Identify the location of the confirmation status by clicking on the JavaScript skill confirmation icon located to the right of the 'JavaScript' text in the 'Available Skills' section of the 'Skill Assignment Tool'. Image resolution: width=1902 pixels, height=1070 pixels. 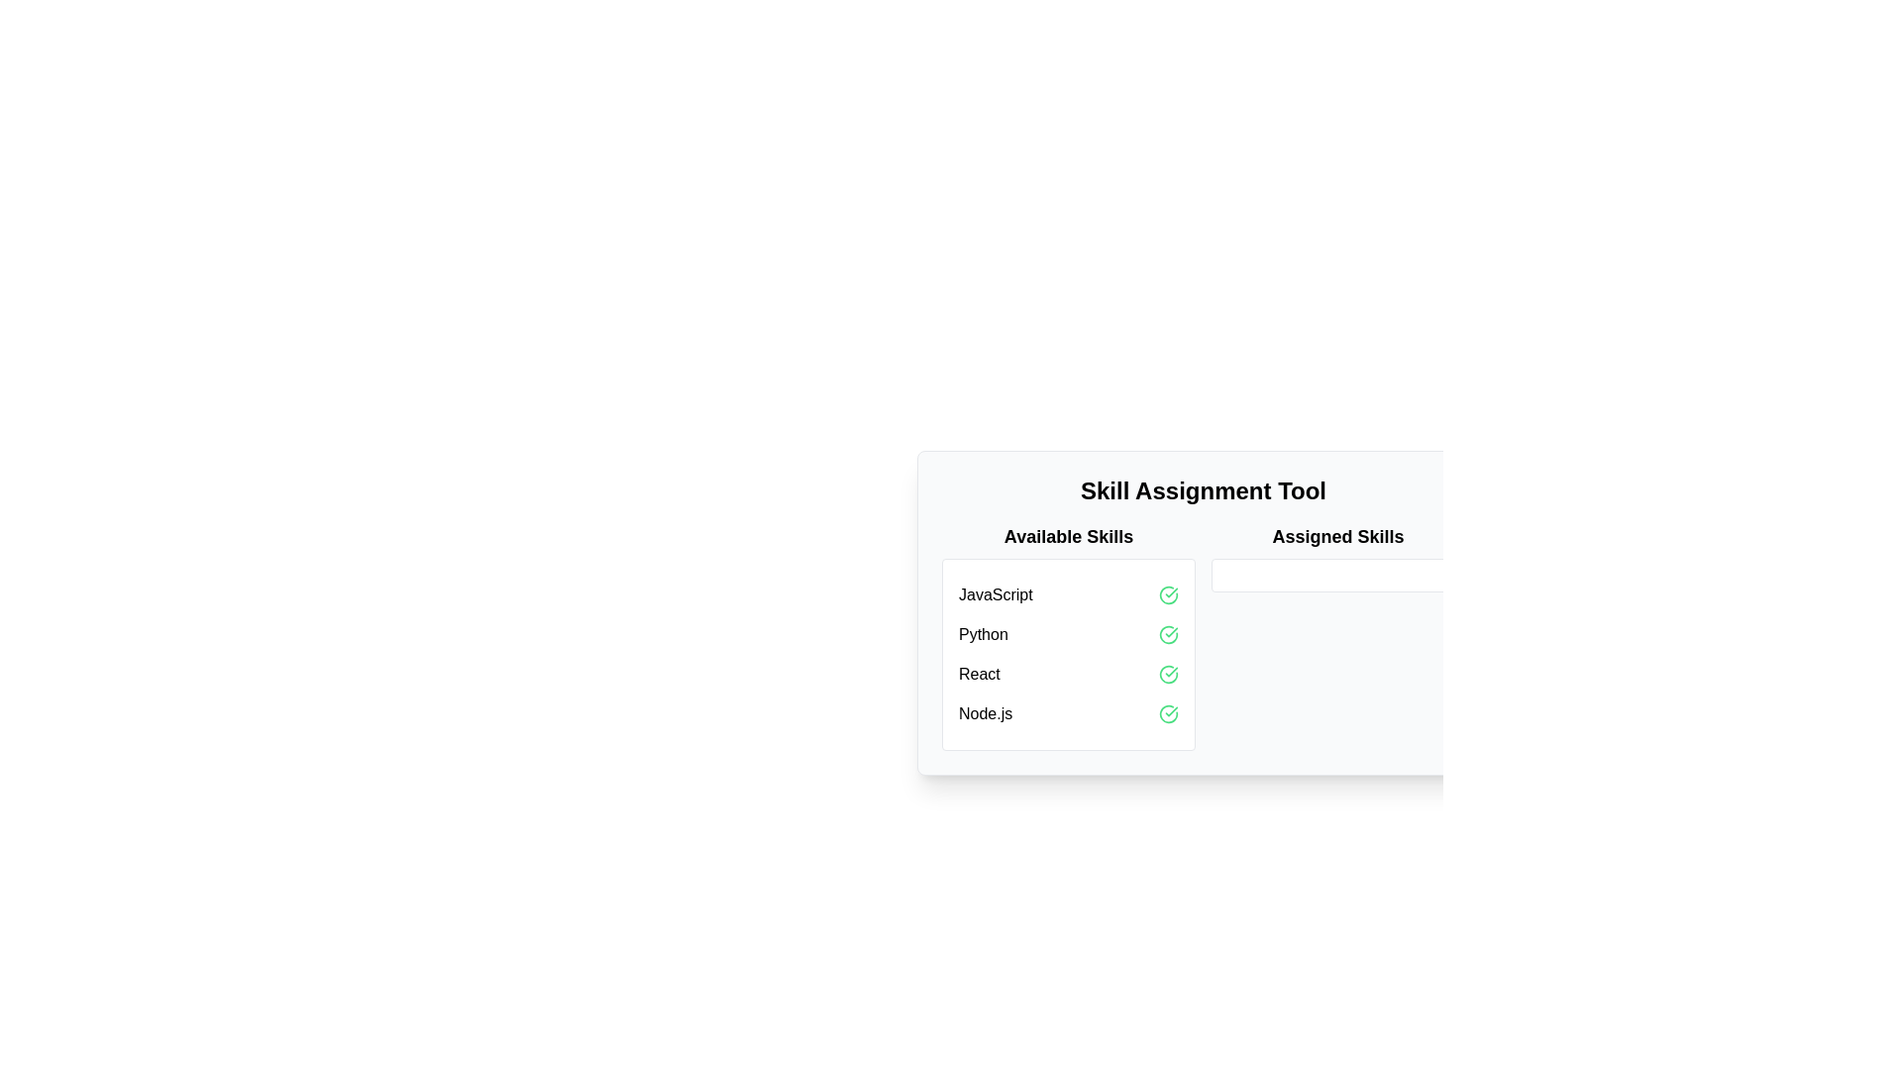
(1169, 594).